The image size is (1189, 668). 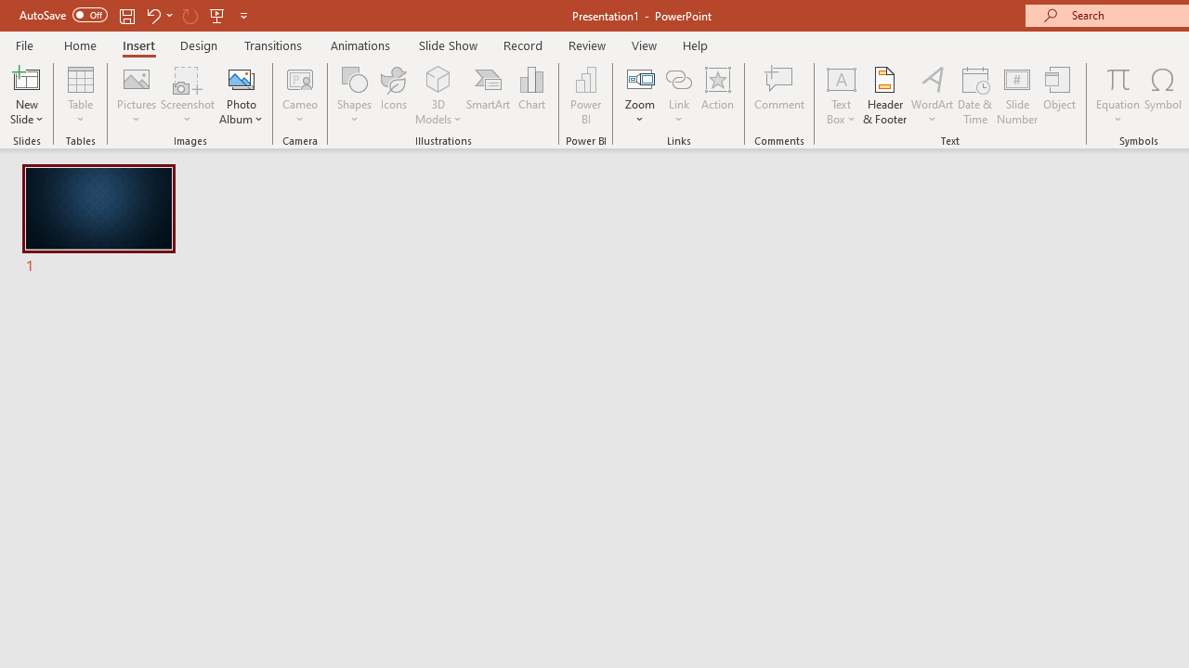 I want to click on 'Shapes', so click(x=355, y=96).